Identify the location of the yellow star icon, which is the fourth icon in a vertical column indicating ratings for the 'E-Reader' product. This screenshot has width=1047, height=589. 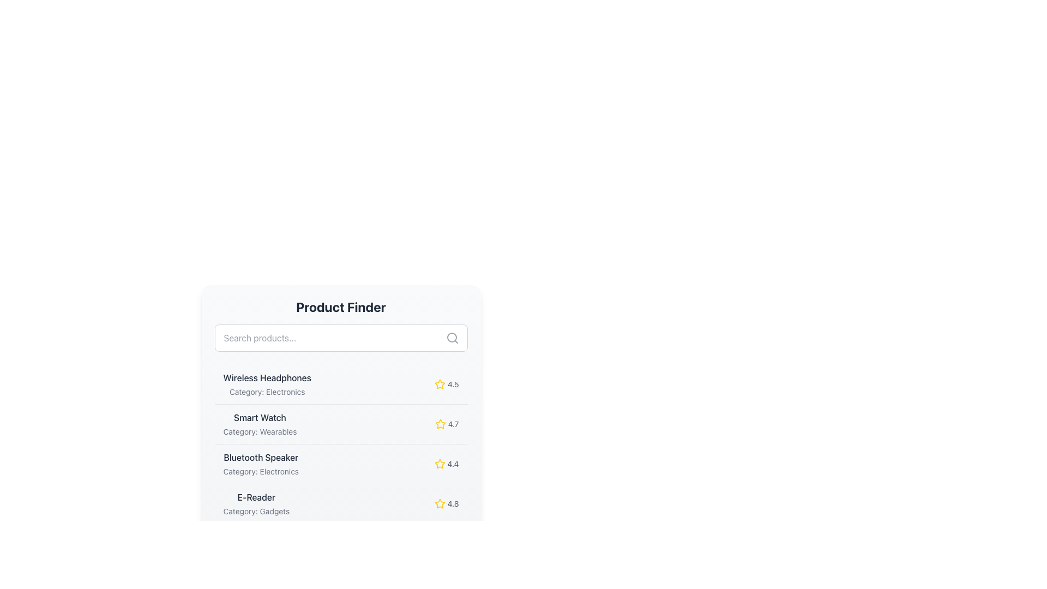
(440, 503).